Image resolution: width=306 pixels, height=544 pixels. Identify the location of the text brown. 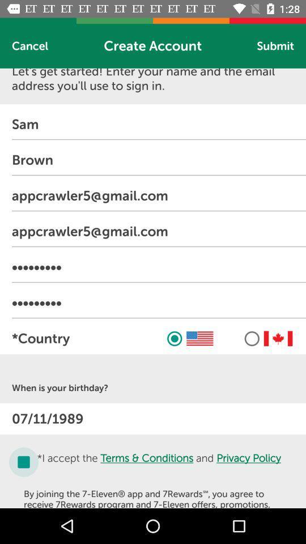
(158, 159).